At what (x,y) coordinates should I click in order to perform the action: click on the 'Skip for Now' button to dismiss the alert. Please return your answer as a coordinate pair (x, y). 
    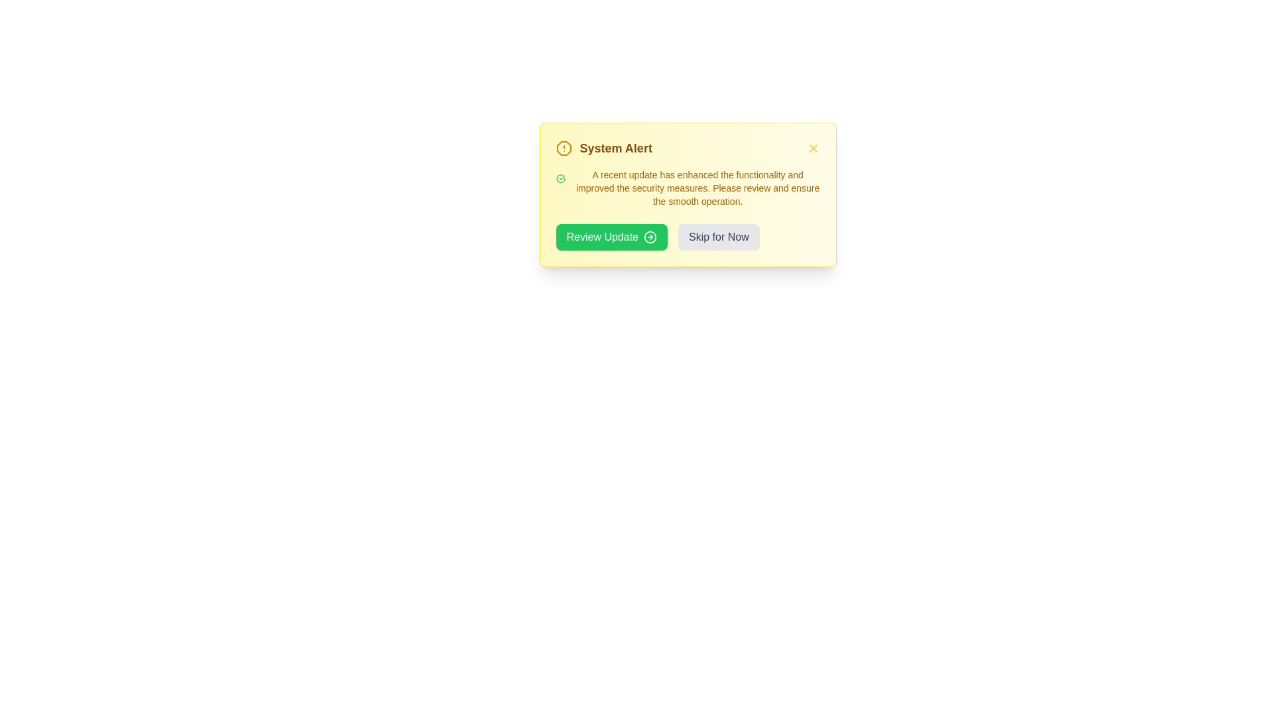
    Looking at the image, I should click on (718, 237).